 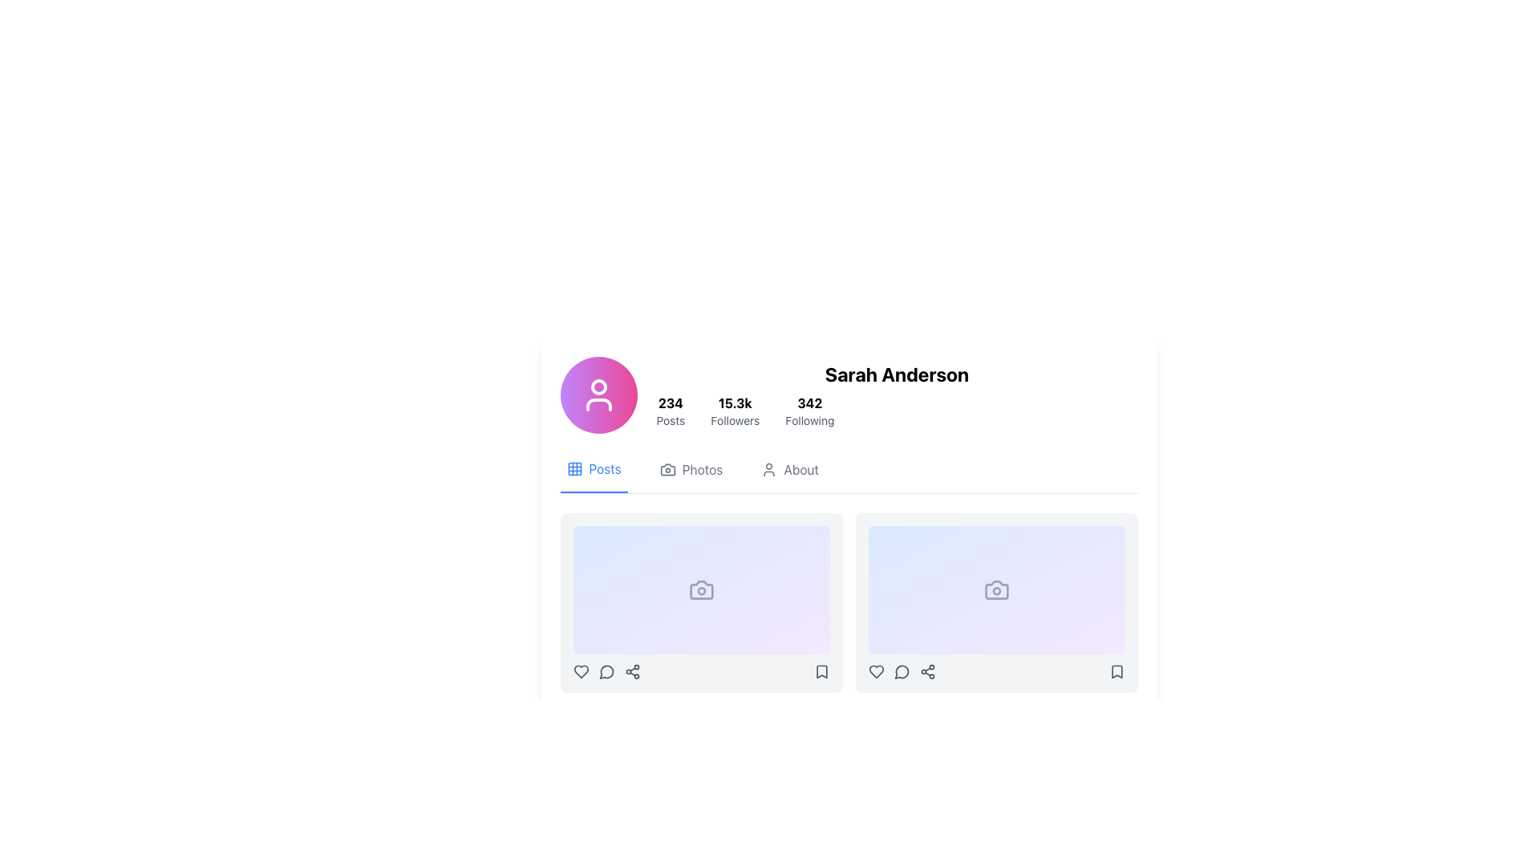 What do you see at coordinates (598, 404) in the screenshot?
I see `the decorative SVG element located at the bottom of the circular avatar icon in the top-left section of the profile interface` at bounding box center [598, 404].